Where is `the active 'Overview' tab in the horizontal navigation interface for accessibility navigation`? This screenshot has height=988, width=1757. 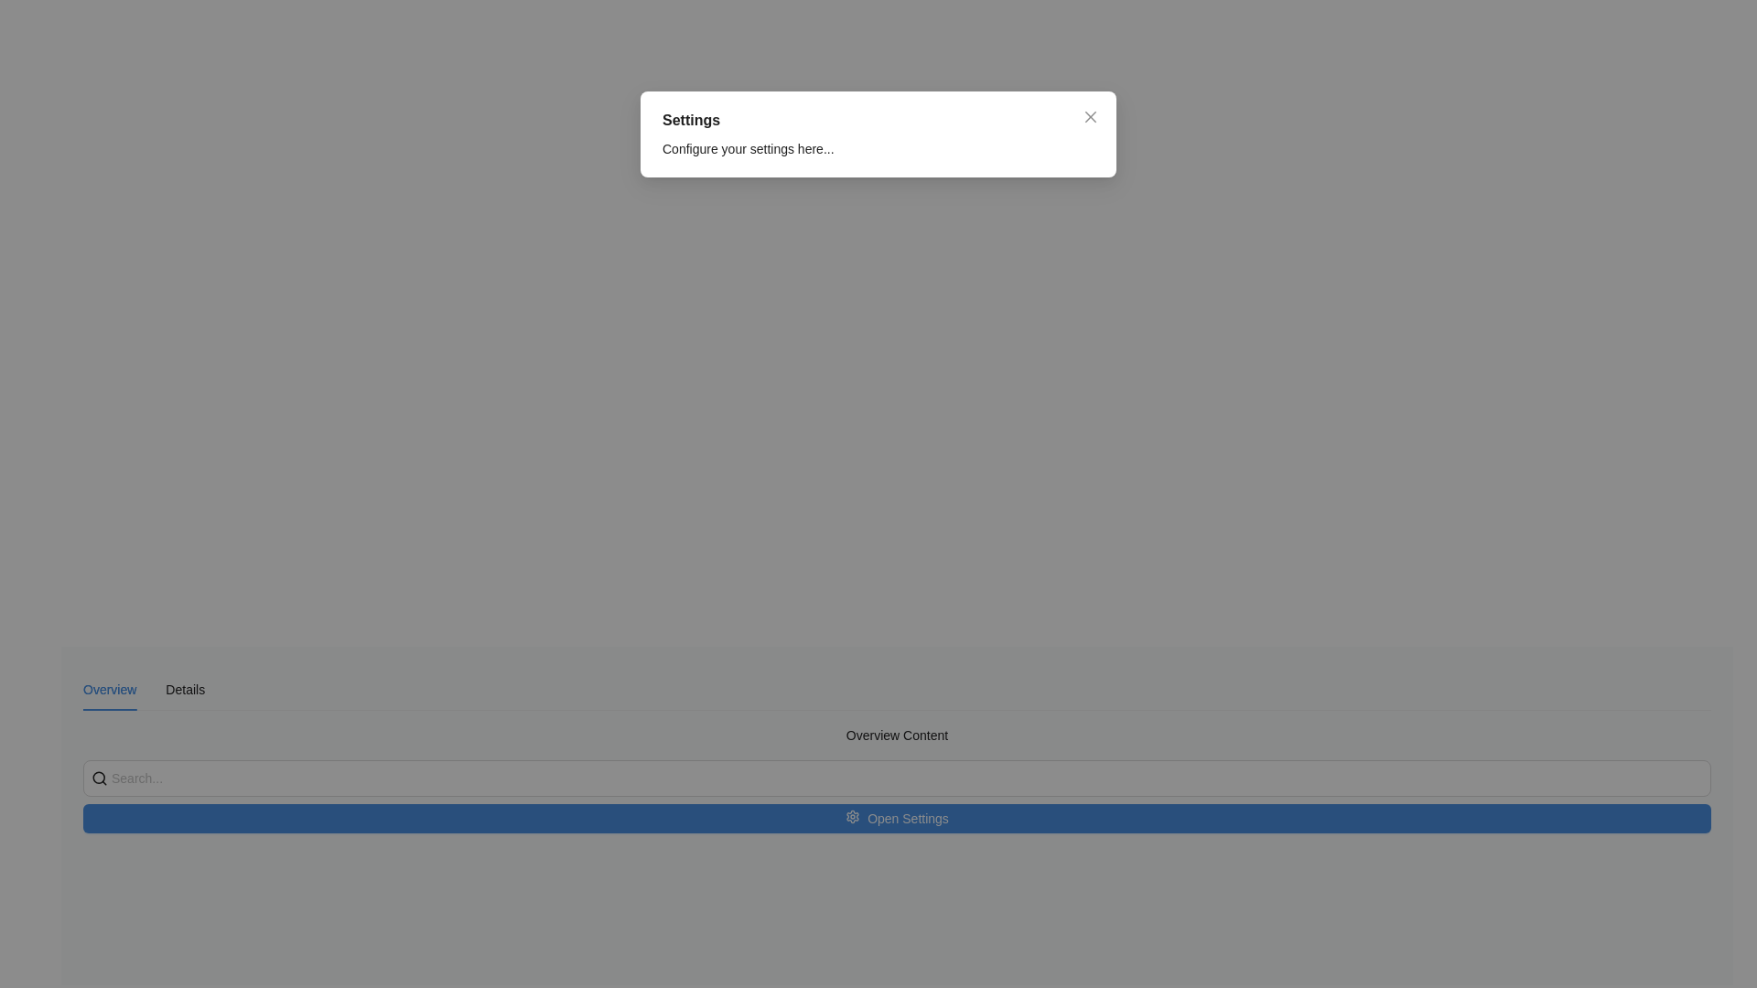
the active 'Overview' tab in the horizontal navigation interface for accessibility navigation is located at coordinates (109, 689).